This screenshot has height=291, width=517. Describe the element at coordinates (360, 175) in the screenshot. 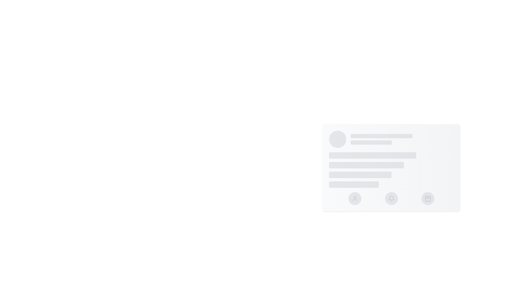

I see `the Loading placeholder (animated bar), which is a horizontally elongated bar with rounded ends located in the lower half of the card-like interface` at that location.